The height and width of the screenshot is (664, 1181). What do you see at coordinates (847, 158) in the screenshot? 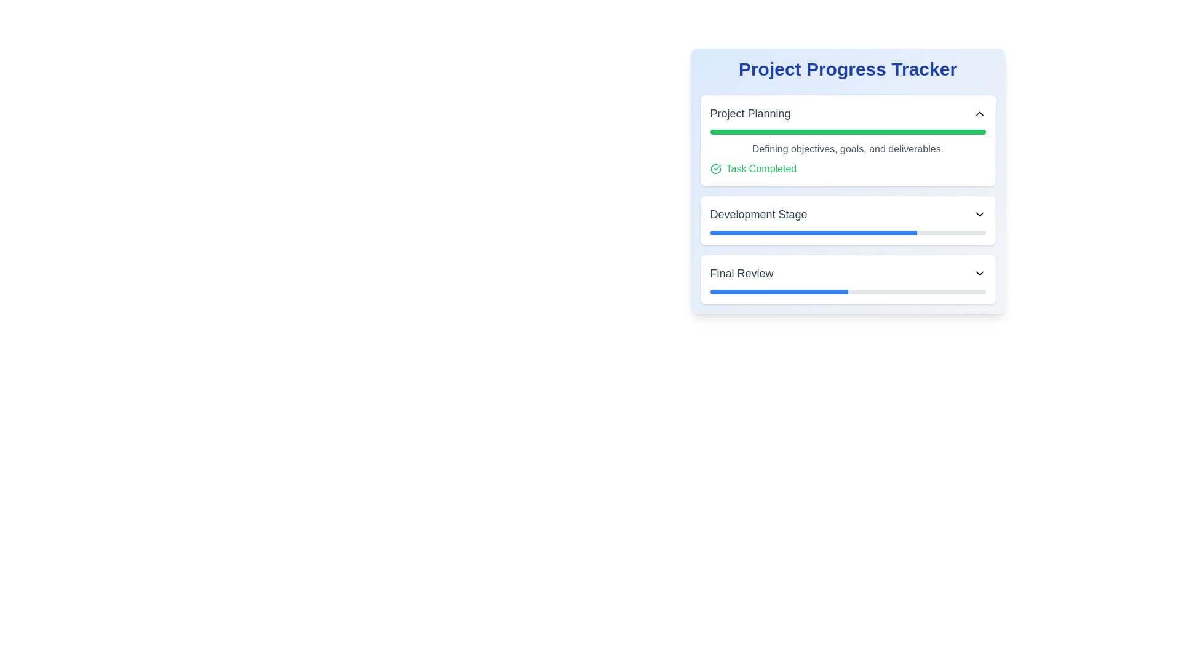
I see `the text block with an icon in the 'Project Planning' section of the 'Project Progress Tracker' card, which summarizes completed tasks` at bounding box center [847, 158].